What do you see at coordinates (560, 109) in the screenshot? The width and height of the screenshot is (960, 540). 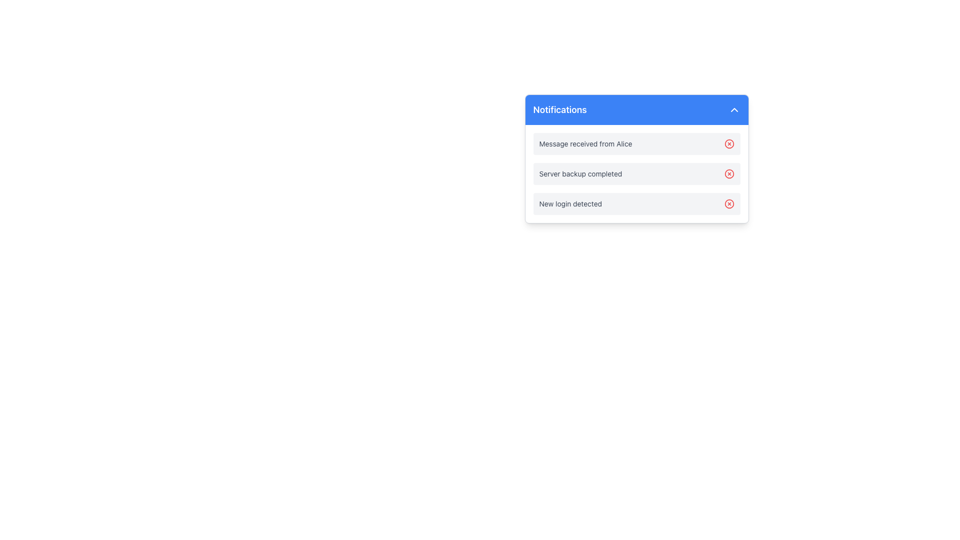 I see `displayed text from the title Text Label located on the left side of the blue header section of the notifications dropdown panel` at bounding box center [560, 109].